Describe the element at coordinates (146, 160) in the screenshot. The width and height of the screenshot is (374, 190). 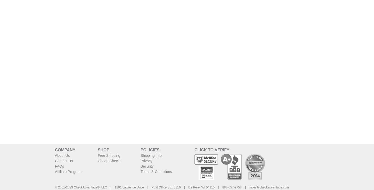
I see `'Privacy'` at that location.